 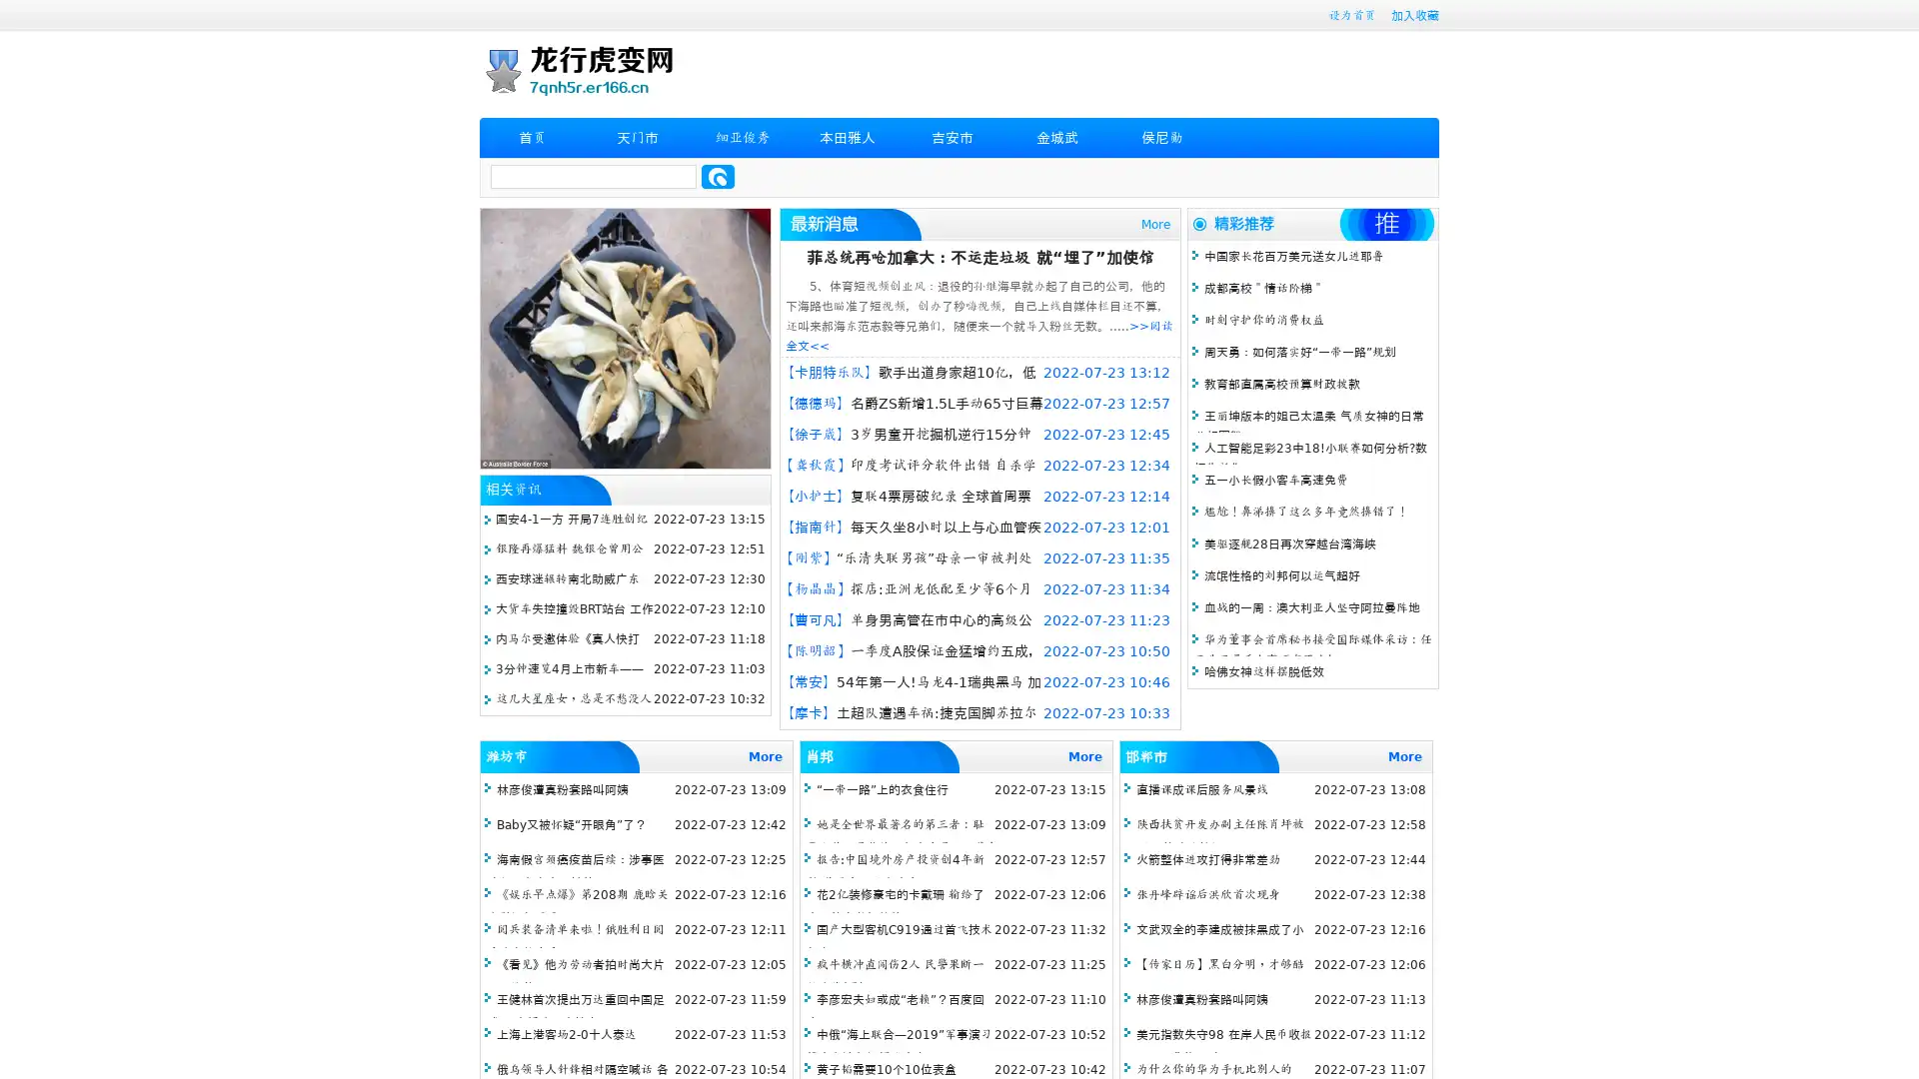 I want to click on Search, so click(x=718, y=176).